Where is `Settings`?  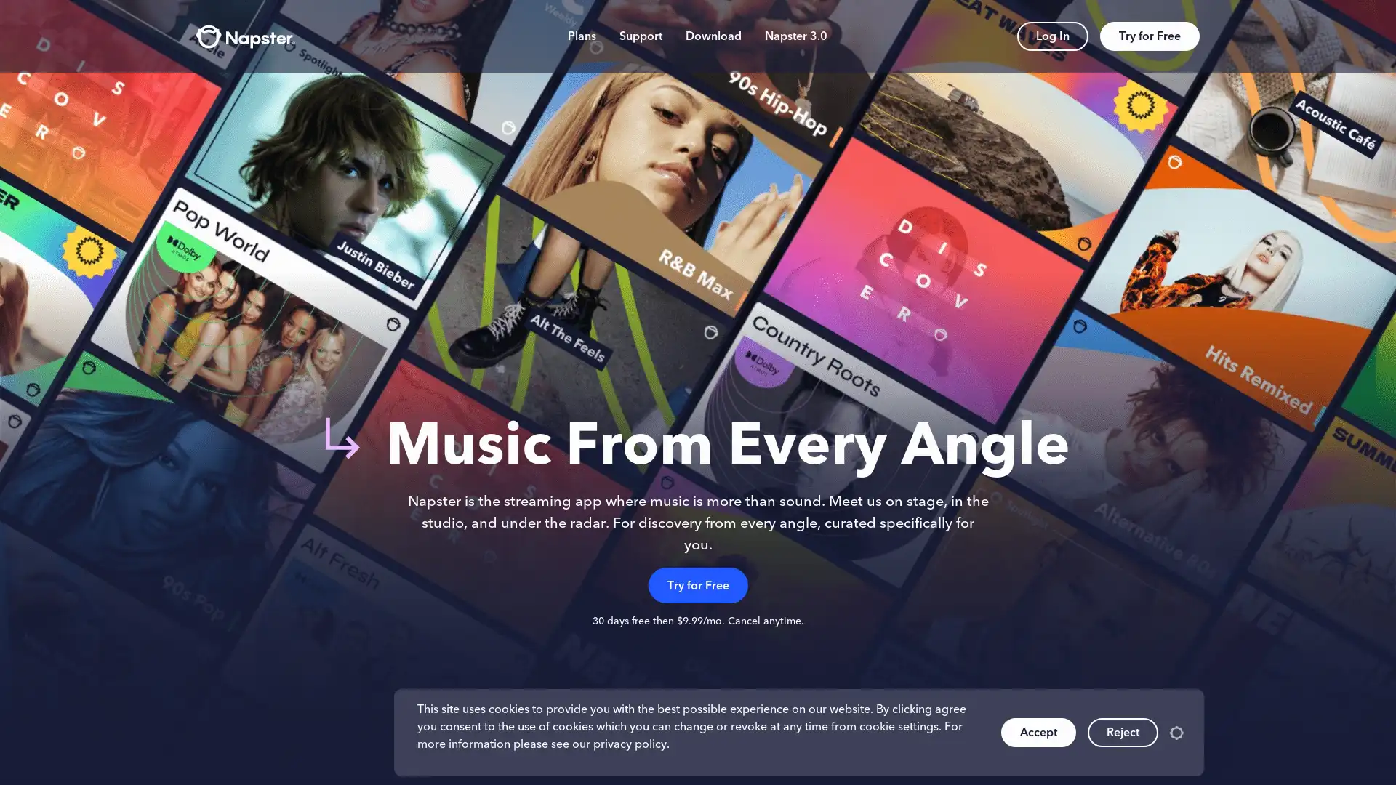 Settings is located at coordinates (1176, 732).